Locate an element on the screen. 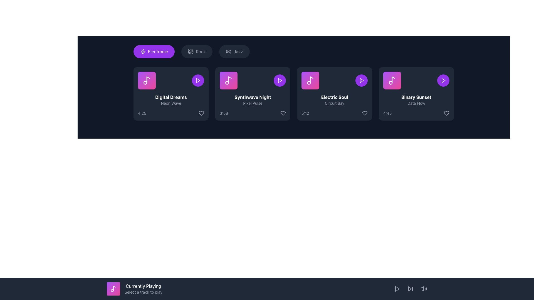 Image resolution: width=534 pixels, height=300 pixels. the play button icon is located at coordinates (198, 80).